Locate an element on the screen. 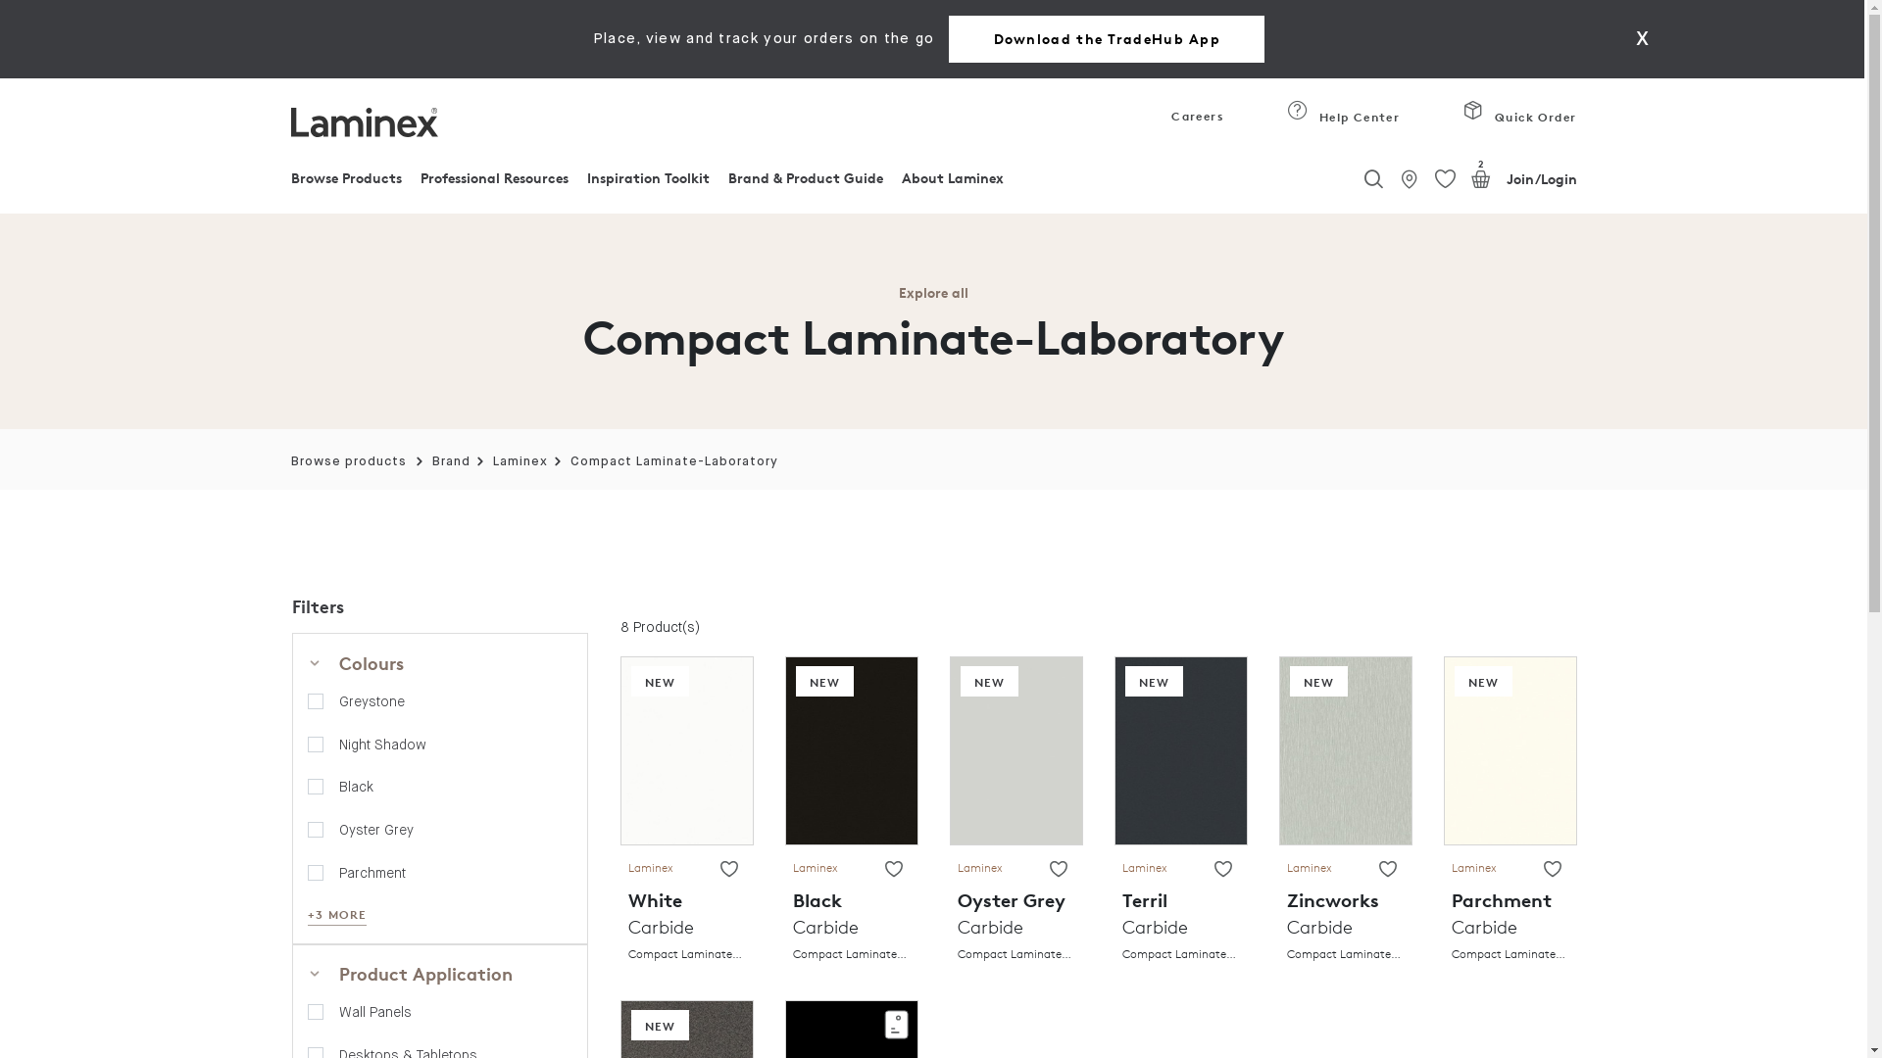  'Laminex' is located at coordinates (493, 461).